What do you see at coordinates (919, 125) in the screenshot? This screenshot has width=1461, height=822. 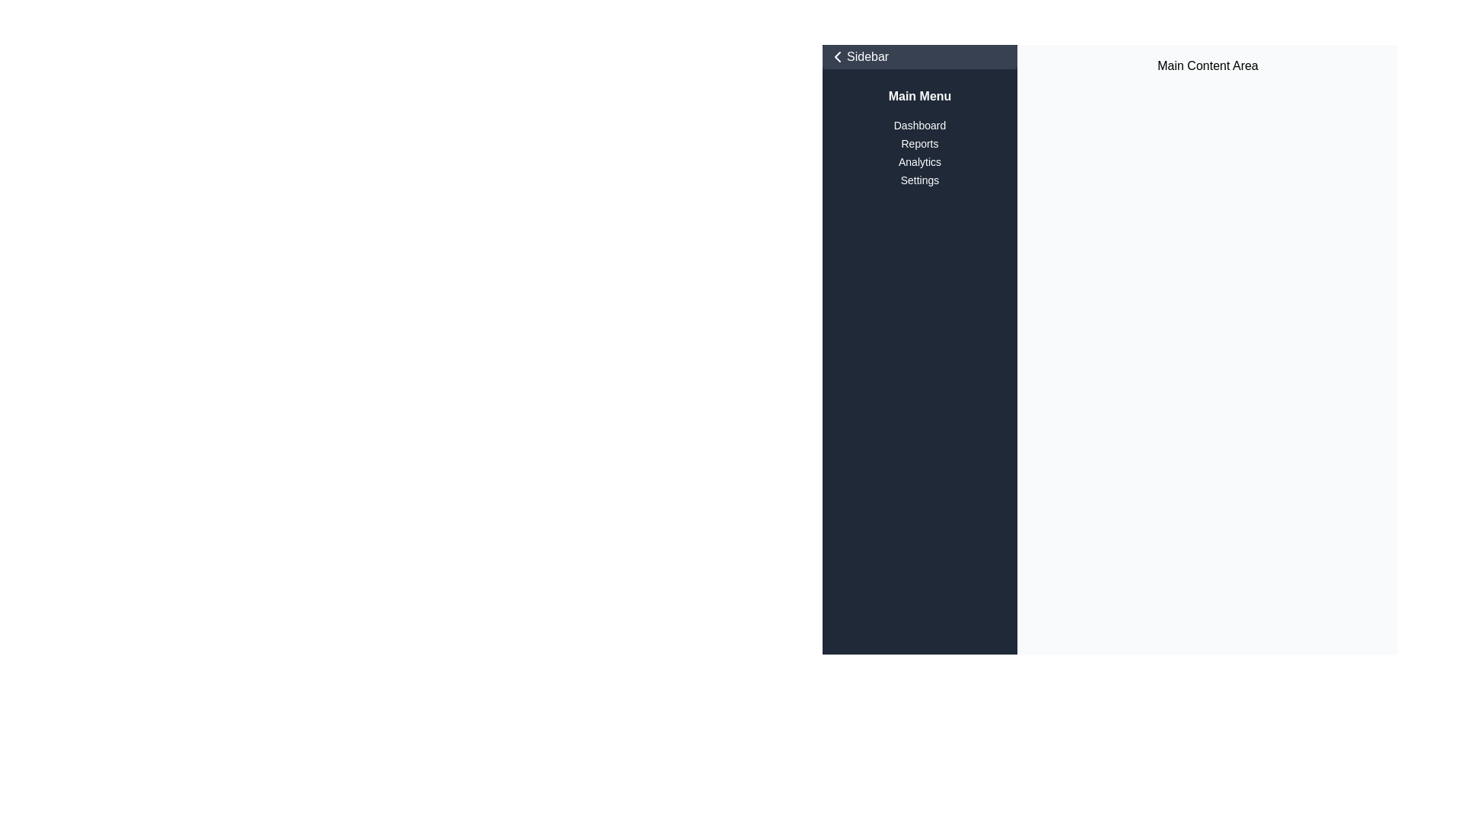 I see `the first textual navigation link in the sidebar` at bounding box center [919, 125].